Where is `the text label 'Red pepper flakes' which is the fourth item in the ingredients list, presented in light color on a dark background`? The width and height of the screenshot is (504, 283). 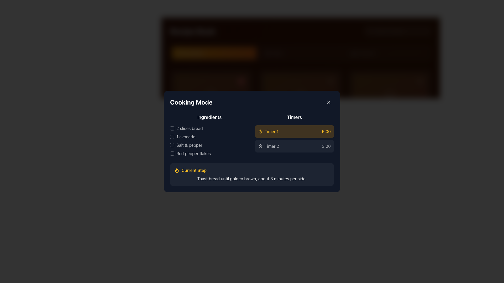 the text label 'Red pepper flakes' which is the fourth item in the ingredients list, presented in light color on a dark background is located at coordinates (209, 153).